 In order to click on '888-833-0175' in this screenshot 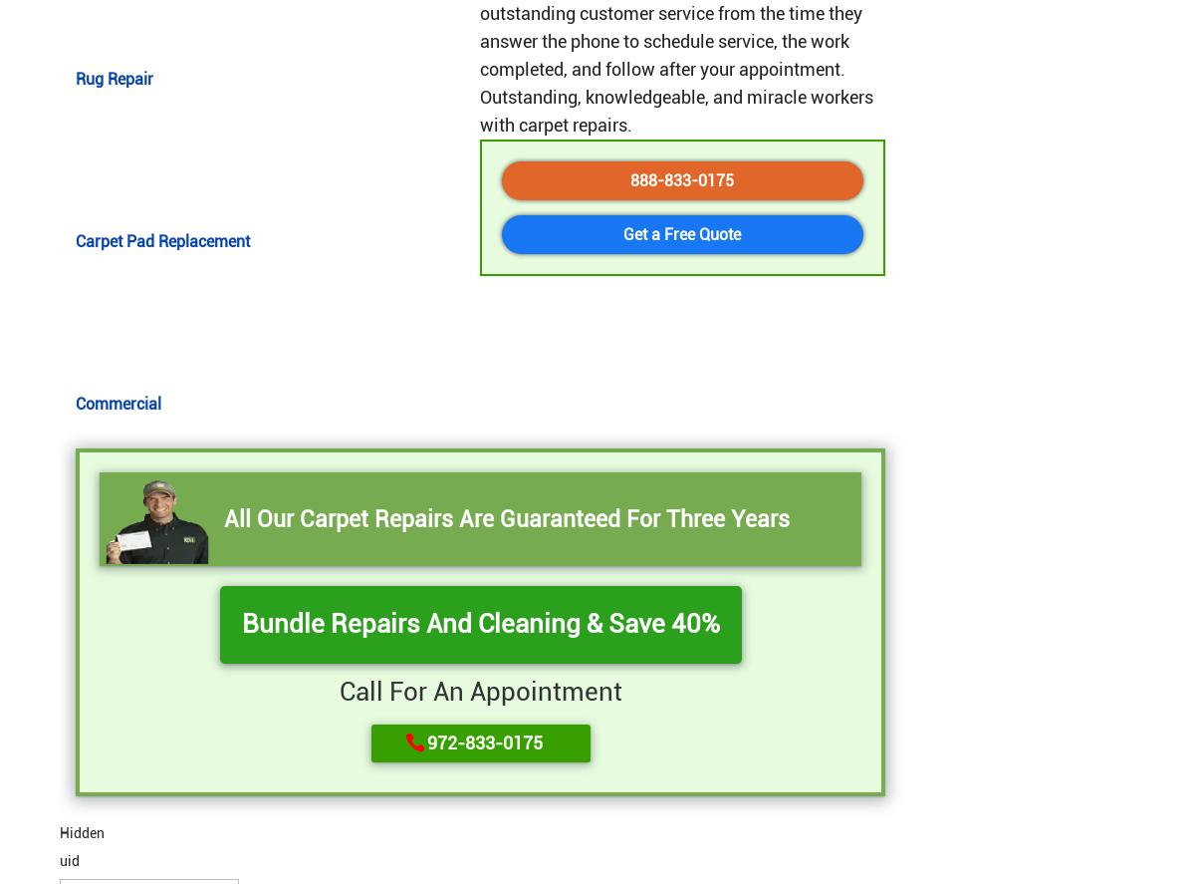, I will do `click(681, 178)`.